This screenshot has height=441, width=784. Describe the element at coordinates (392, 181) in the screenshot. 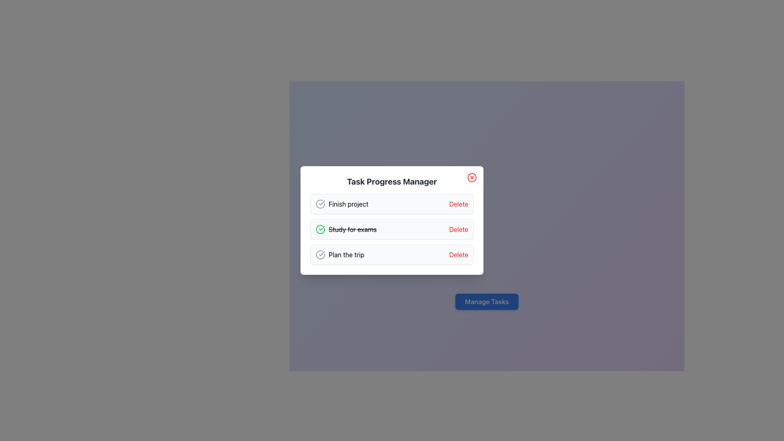

I see `the text label that serves as the title for the task management card, which is centered horizontally at the top of the card and positioned above the task entries` at that location.